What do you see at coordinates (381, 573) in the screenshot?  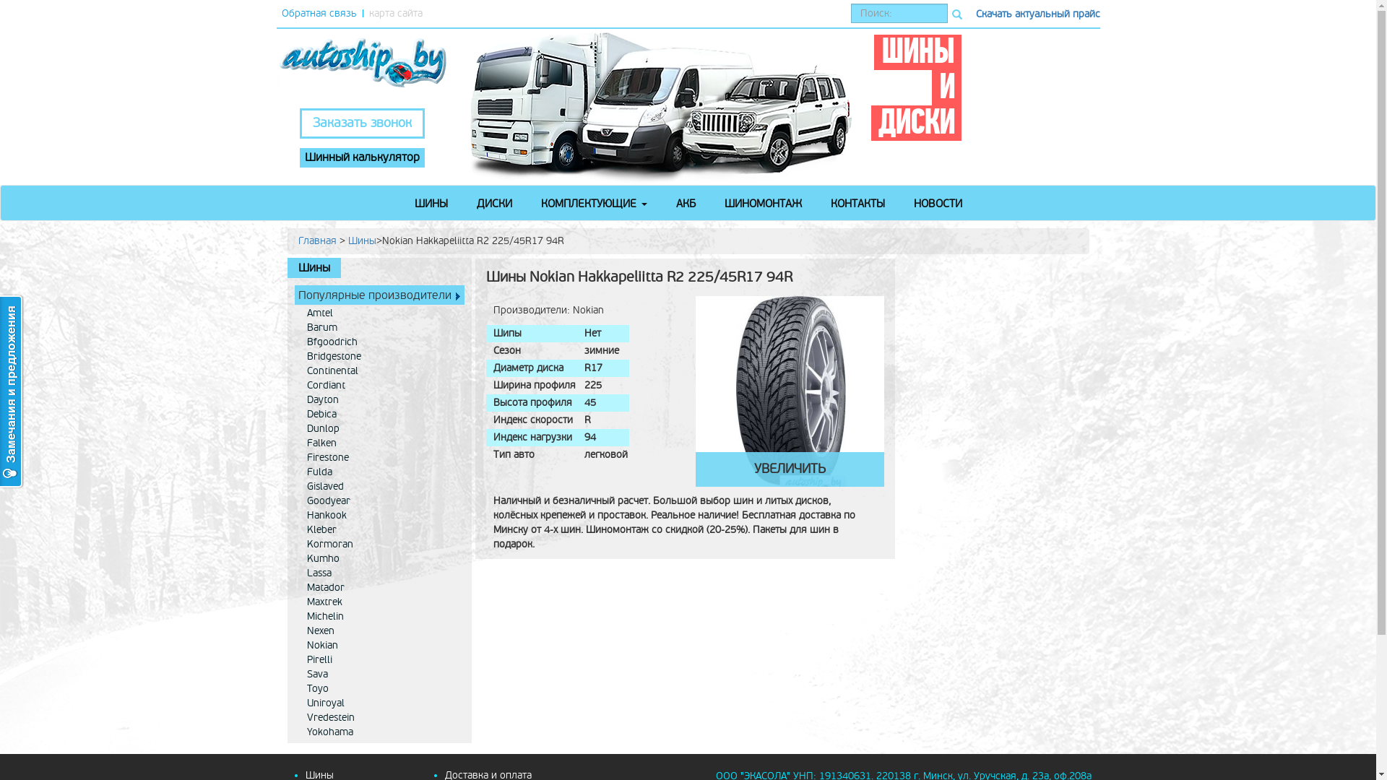 I see `'Lassa'` at bounding box center [381, 573].